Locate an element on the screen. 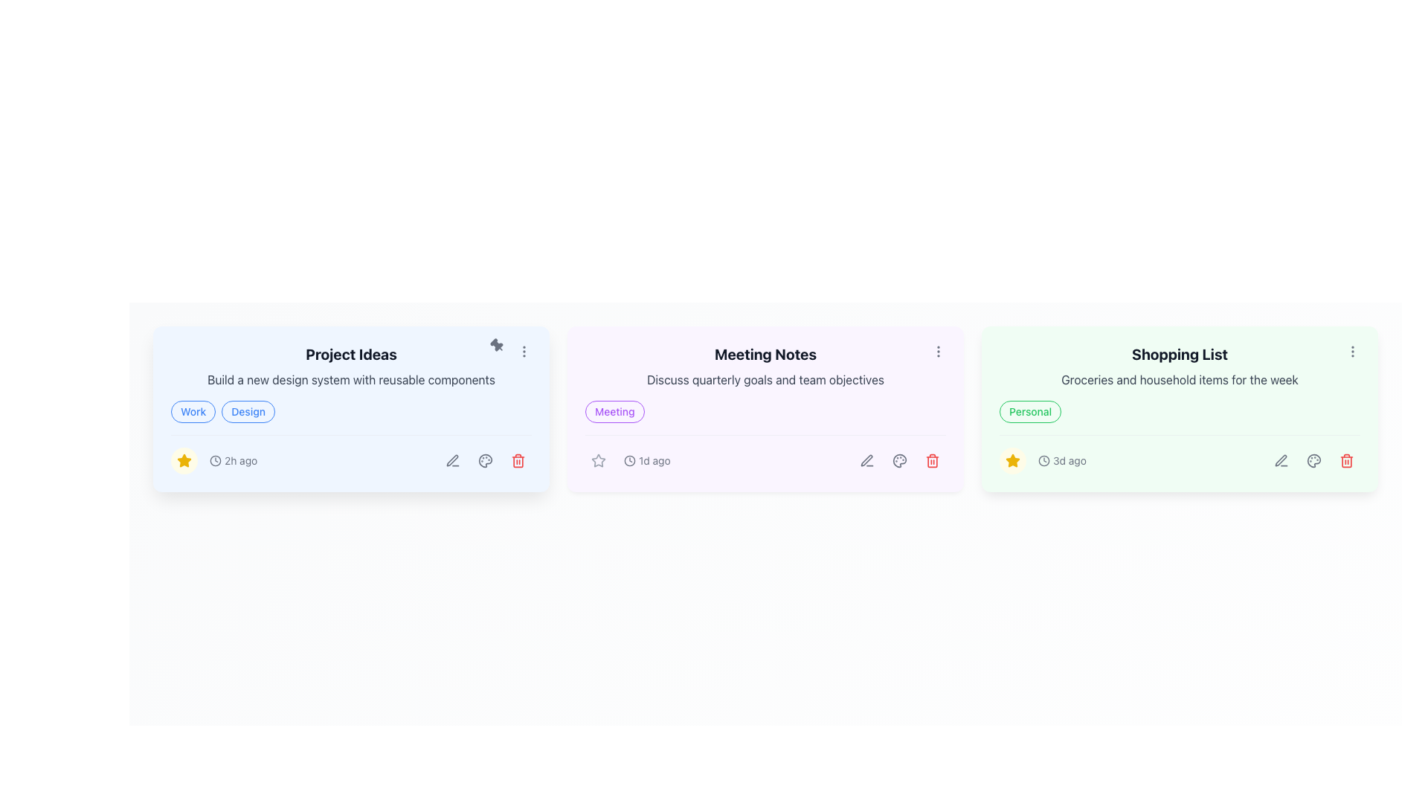 Image resolution: width=1428 pixels, height=803 pixels. the Icon button, which is the second interactive icon in a horizontal set of controls beneath the title 'Project Ideas' in the first card of the layout is located at coordinates (485, 460).